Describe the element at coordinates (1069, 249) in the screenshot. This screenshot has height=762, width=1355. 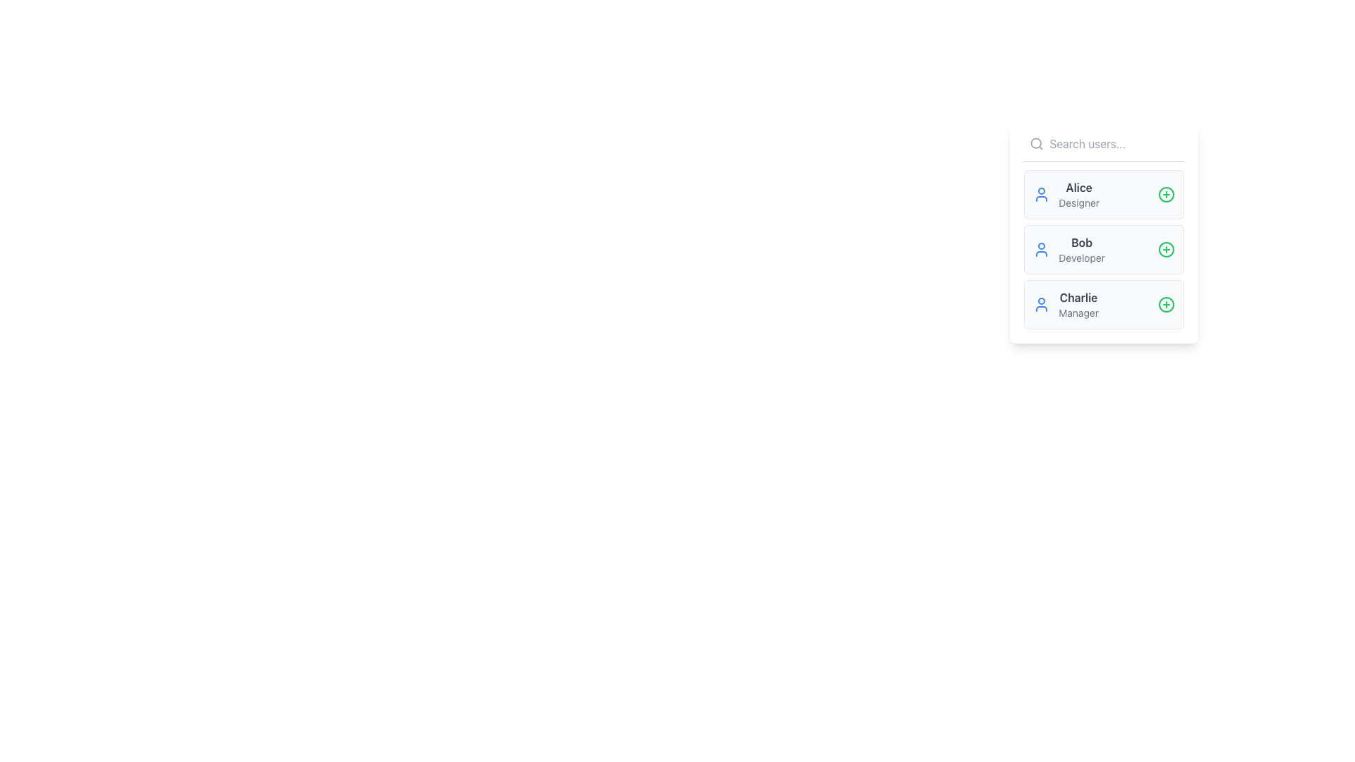
I see `the User Information Card displaying the user's name 'Bob' and role 'Developer', which is the second card in a vertical list of user cards` at that location.